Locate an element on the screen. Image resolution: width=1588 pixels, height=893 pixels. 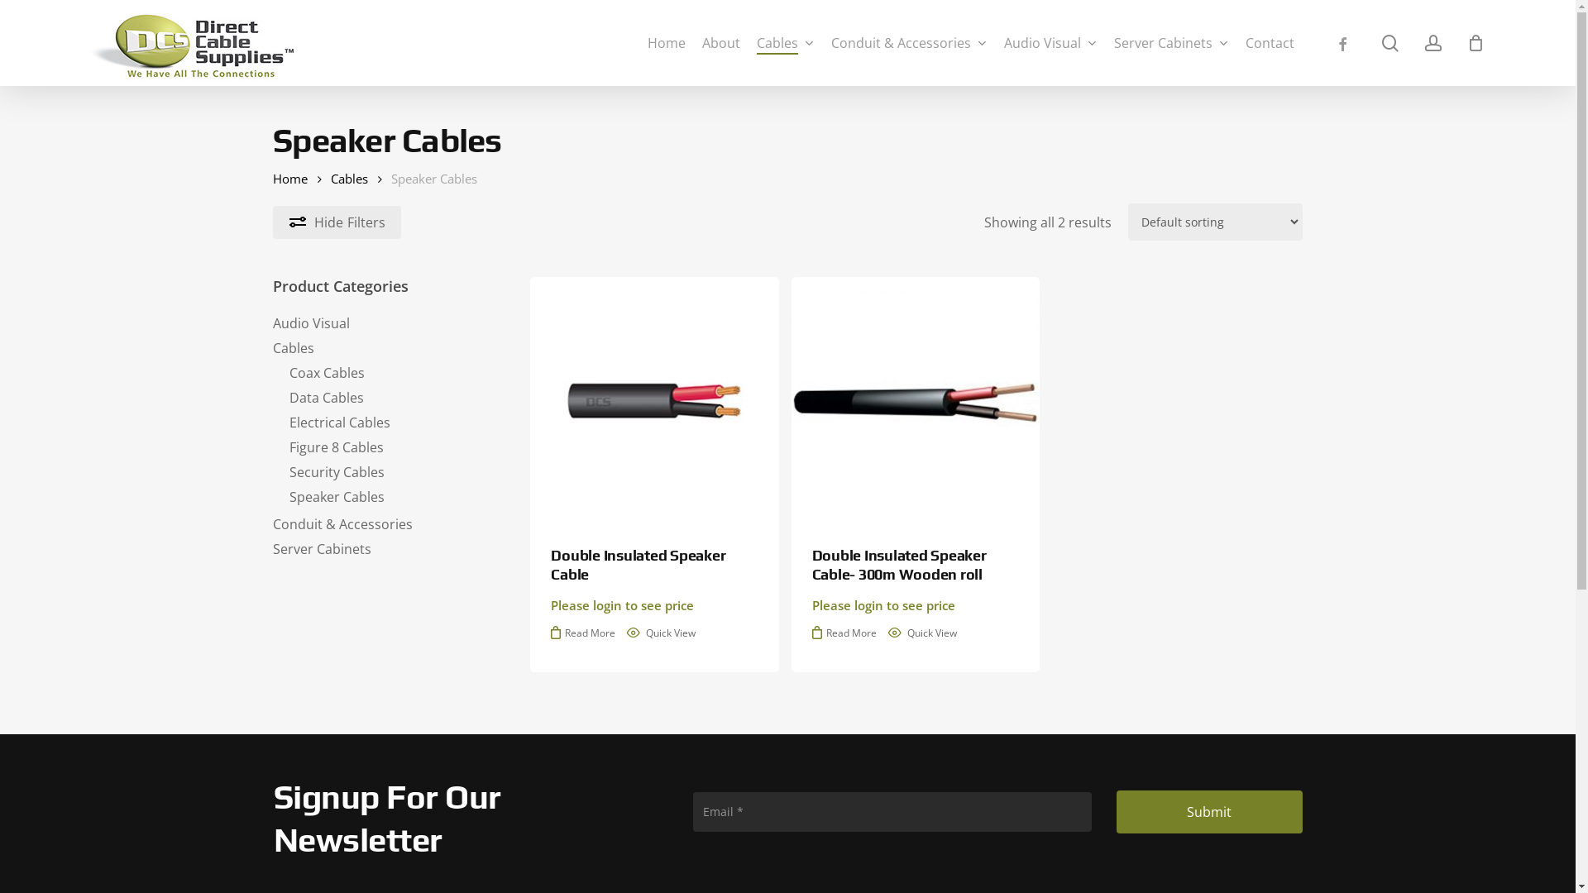
'Quick View' is located at coordinates (921, 633).